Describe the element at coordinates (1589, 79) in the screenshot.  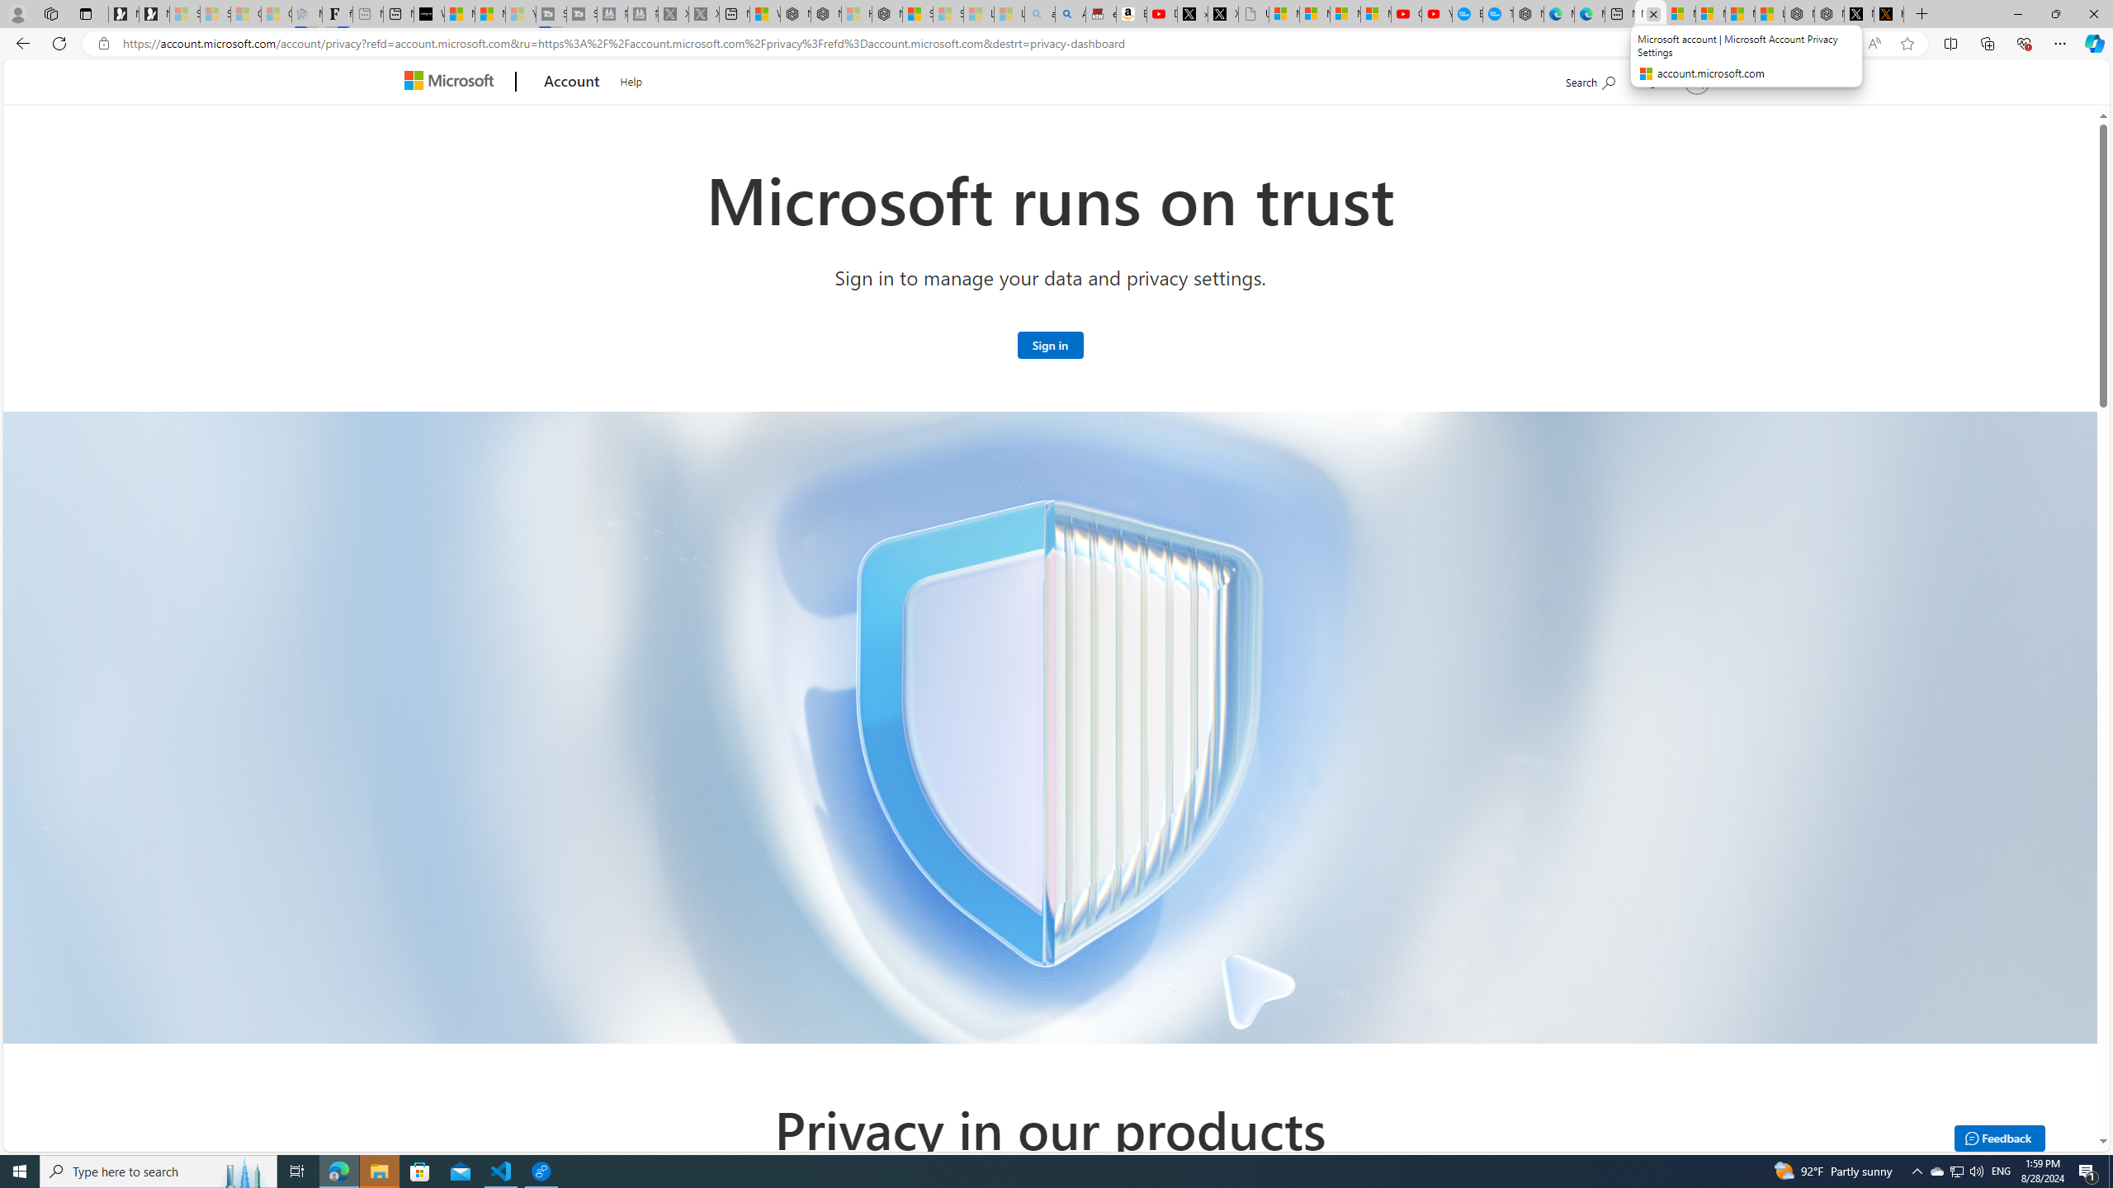
I see `'Search Microsoft.com'` at that location.